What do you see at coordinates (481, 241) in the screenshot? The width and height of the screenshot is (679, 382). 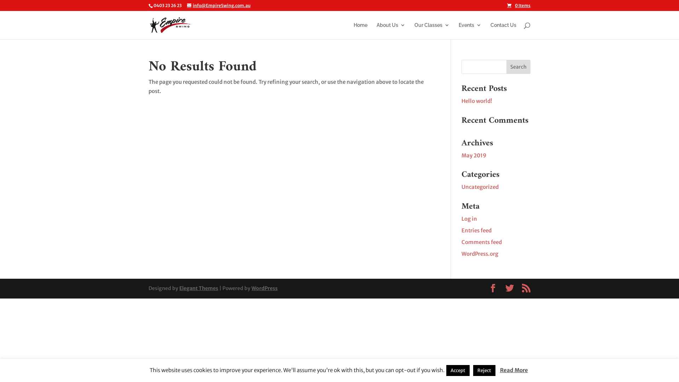 I see `'Comments feed'` at bounding box center [481, 241].